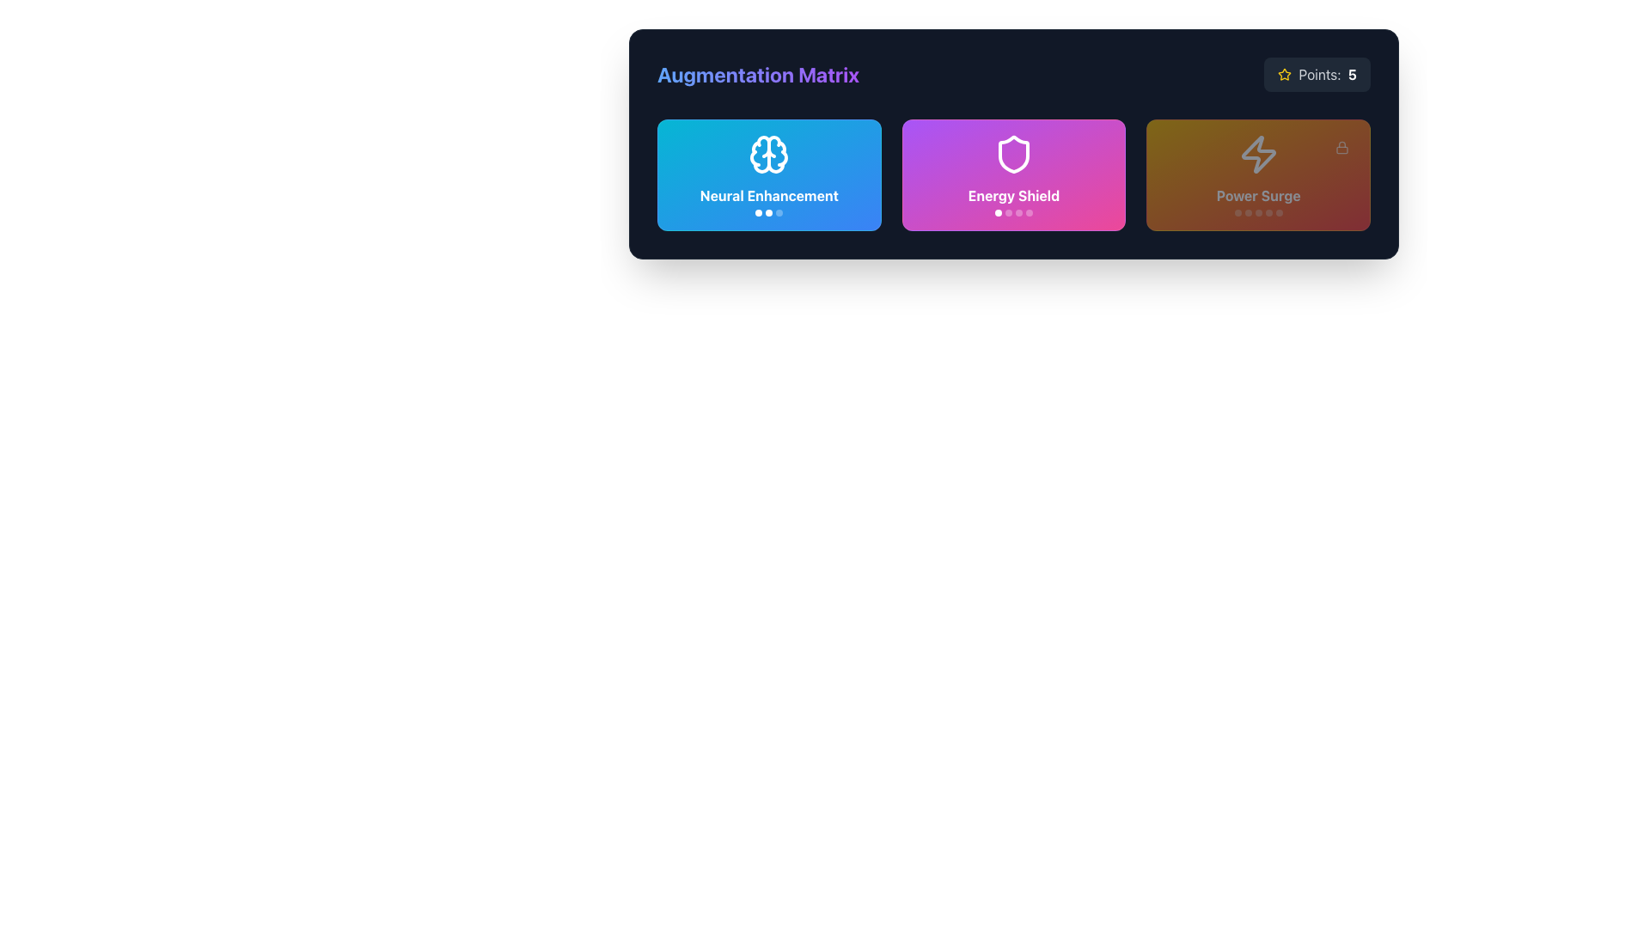  What do you see at coordinates (1285, 73) in the screenshot?
I see `the star icon located at the top-right section of the interface, near the points indicator displaying '5 Points.'` at bounding box center [1285, 73].